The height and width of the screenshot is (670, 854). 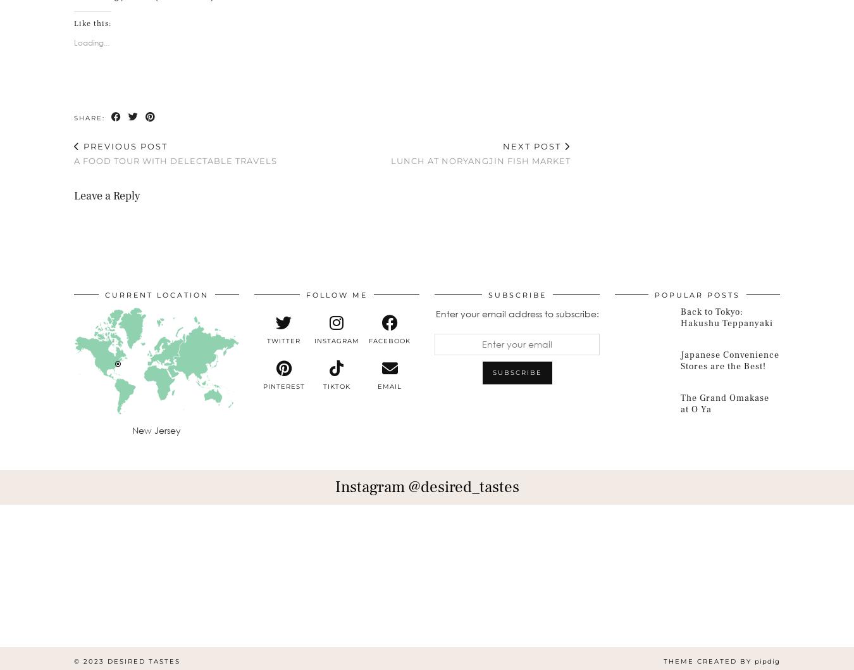 I want to click on 'The Grand Omakase at O Ya', so click(x=724, y=403).